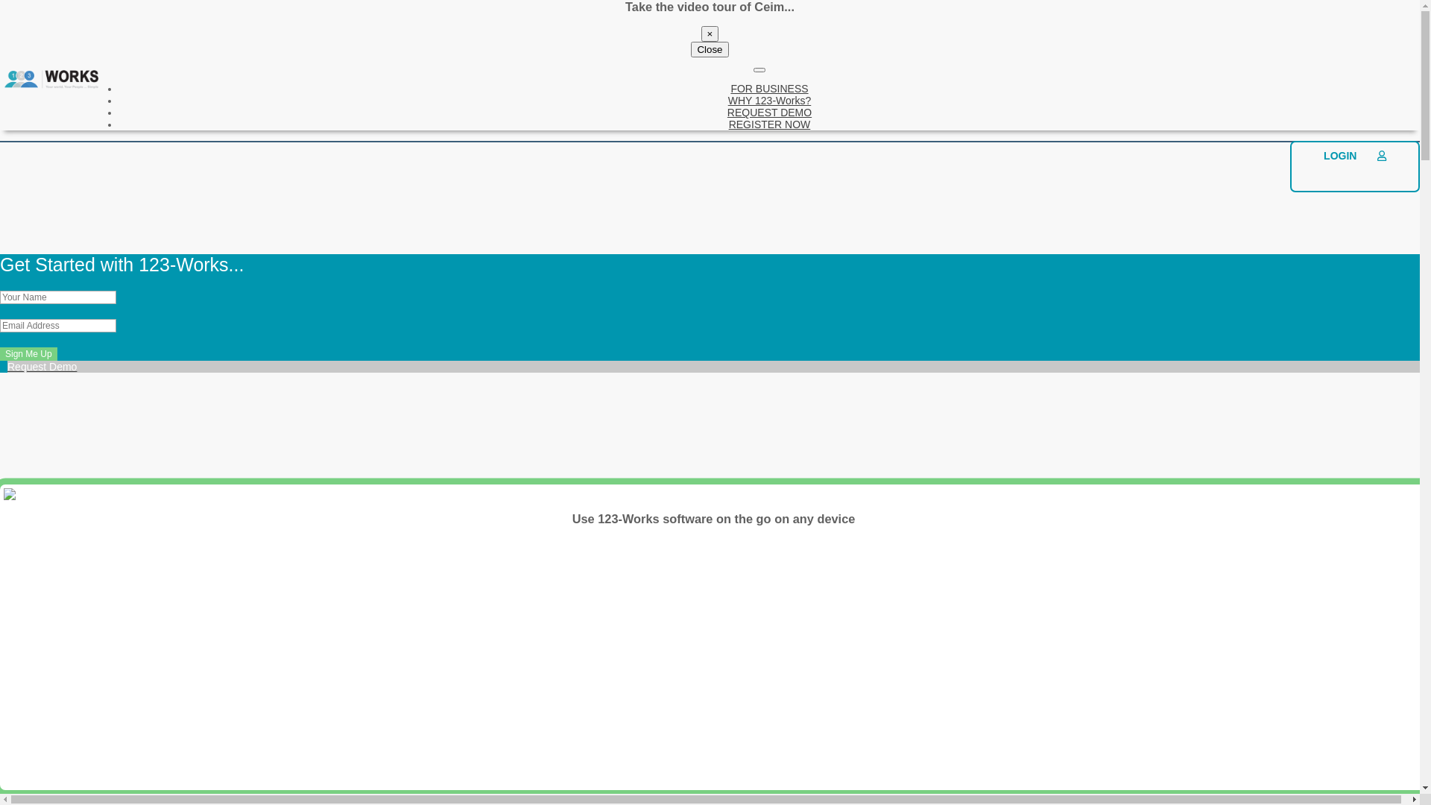 The width and height of the screenshot is (1431, 805). Describe the element at coordinates (769, 111) in the screenshot. I see `'REQUEST DEMO'` at that location.